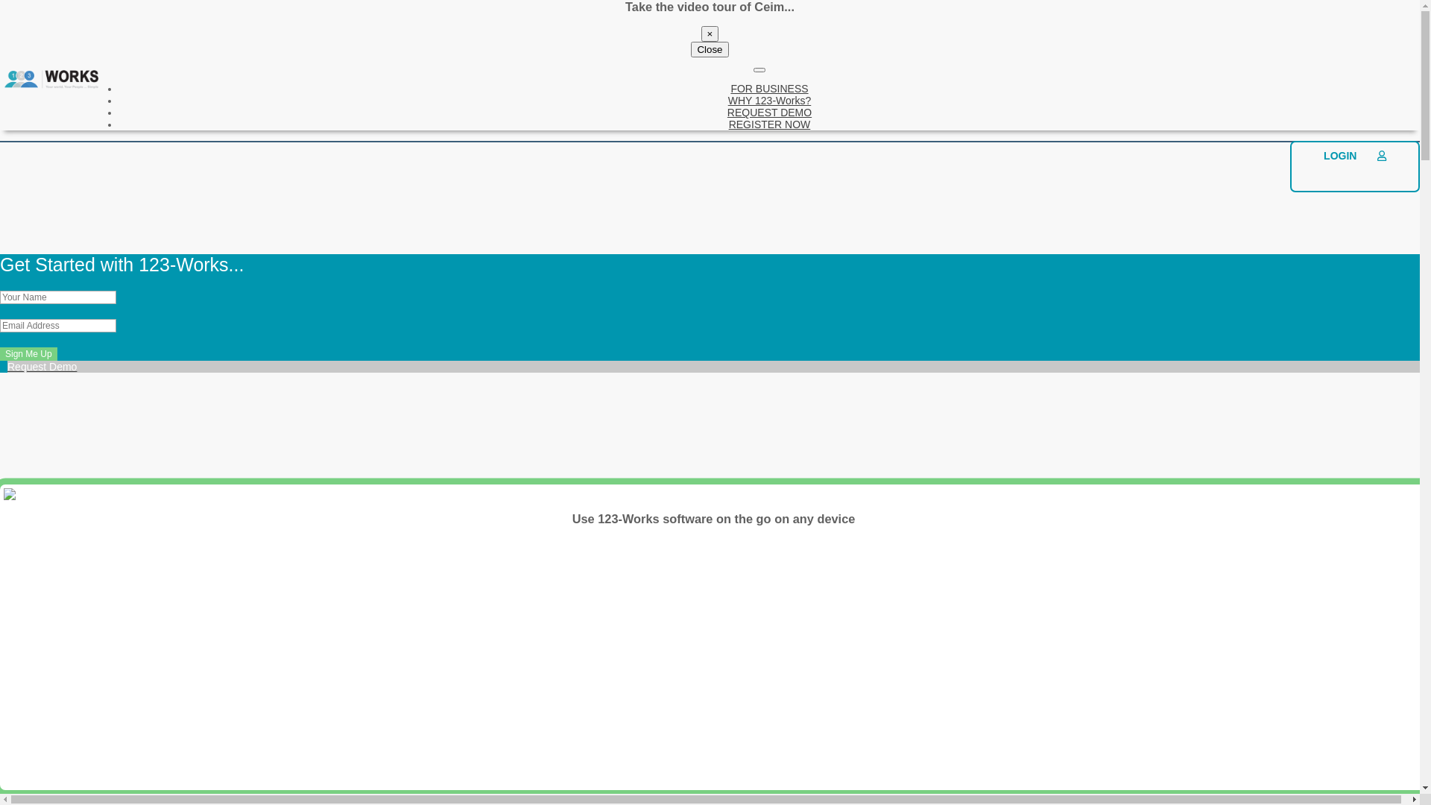 The width and height of the screenshot is (1431, 805). Describe the element at coordinates (769, 111) in the screenshot. I see `'REQUEST DEMO'` at that location.